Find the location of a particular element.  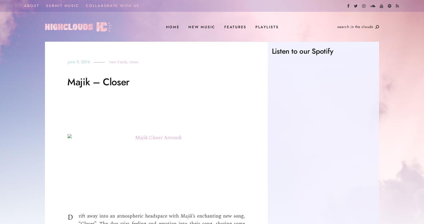

'Majik' is located at coordinates (186, 216).